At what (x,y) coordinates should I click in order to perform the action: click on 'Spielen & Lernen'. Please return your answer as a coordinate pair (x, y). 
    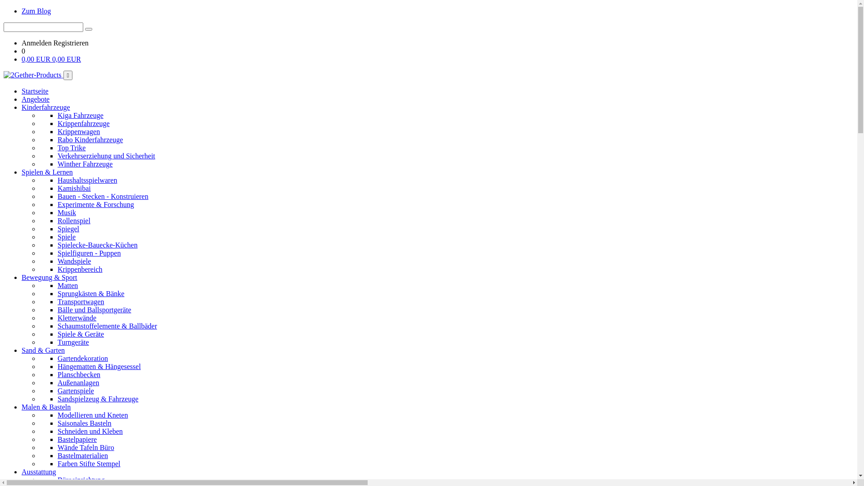
    Looking at the image, I should click on (47, 172).